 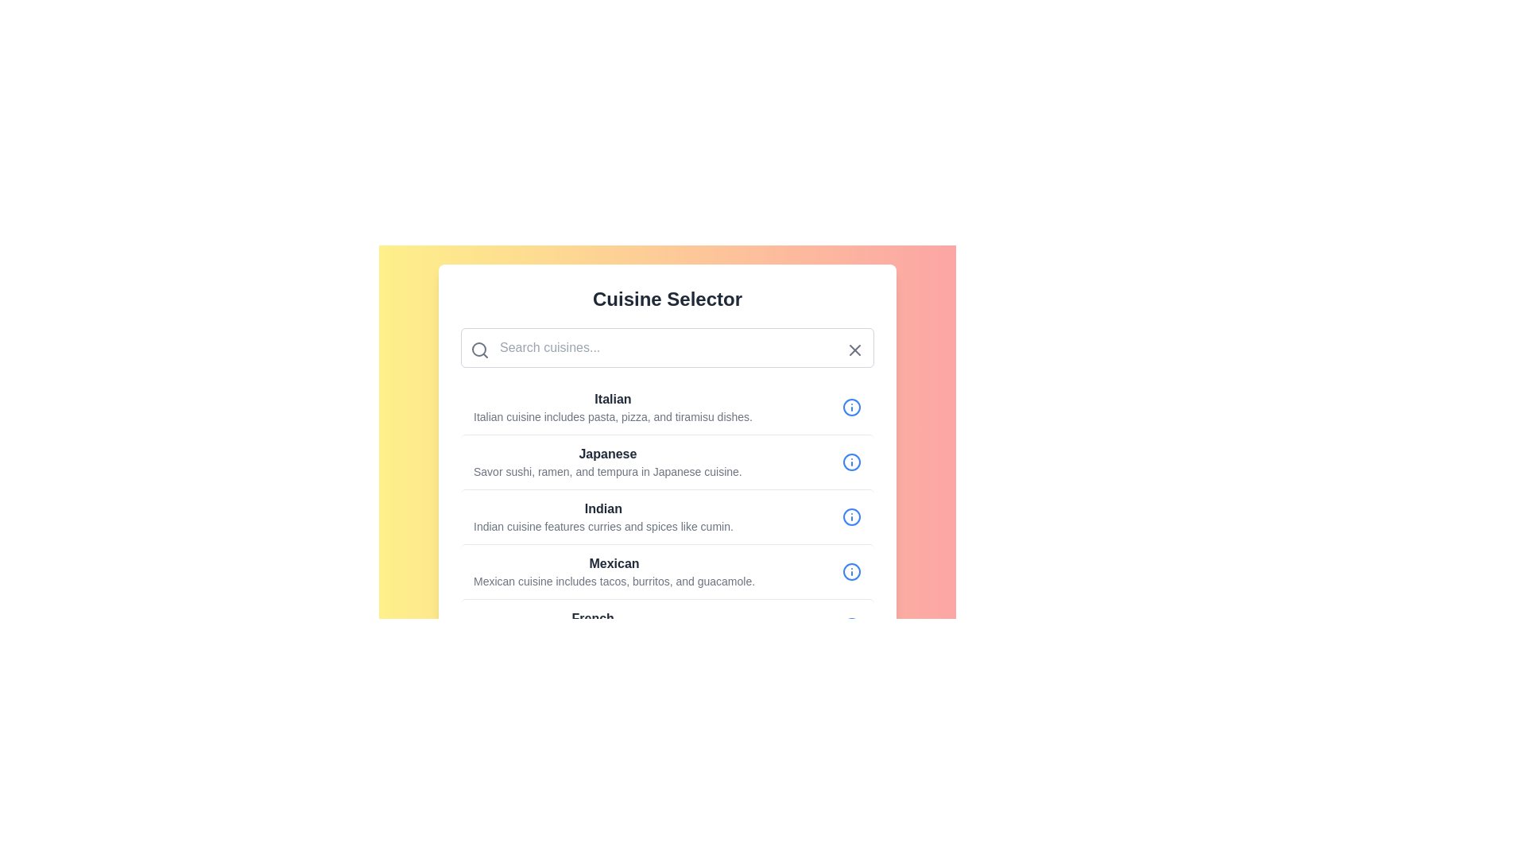 What do you see at coordinates (602, 517) in the screenshot?
I see `the text display element that describes 'Indian' cuisine, which is positioned between 'Japanese' and 'Mexican' in the cuisine selection interface` at bounding box center [602, 517].